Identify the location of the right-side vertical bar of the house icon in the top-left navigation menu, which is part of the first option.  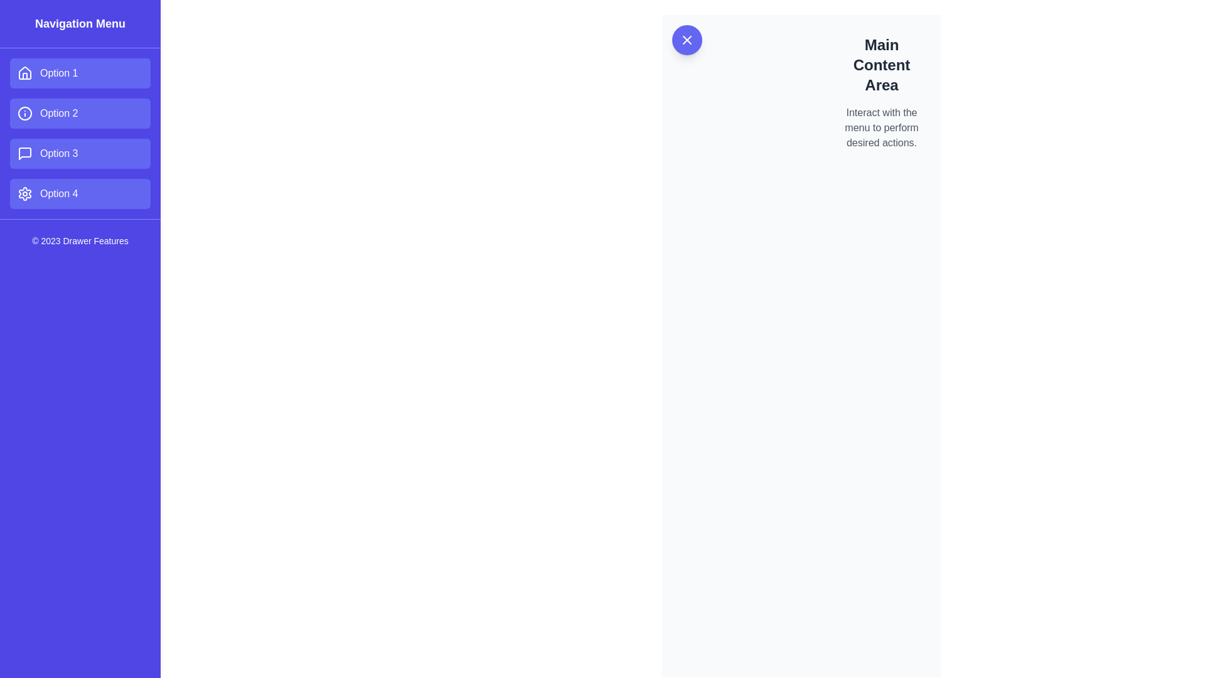
(24, 76).